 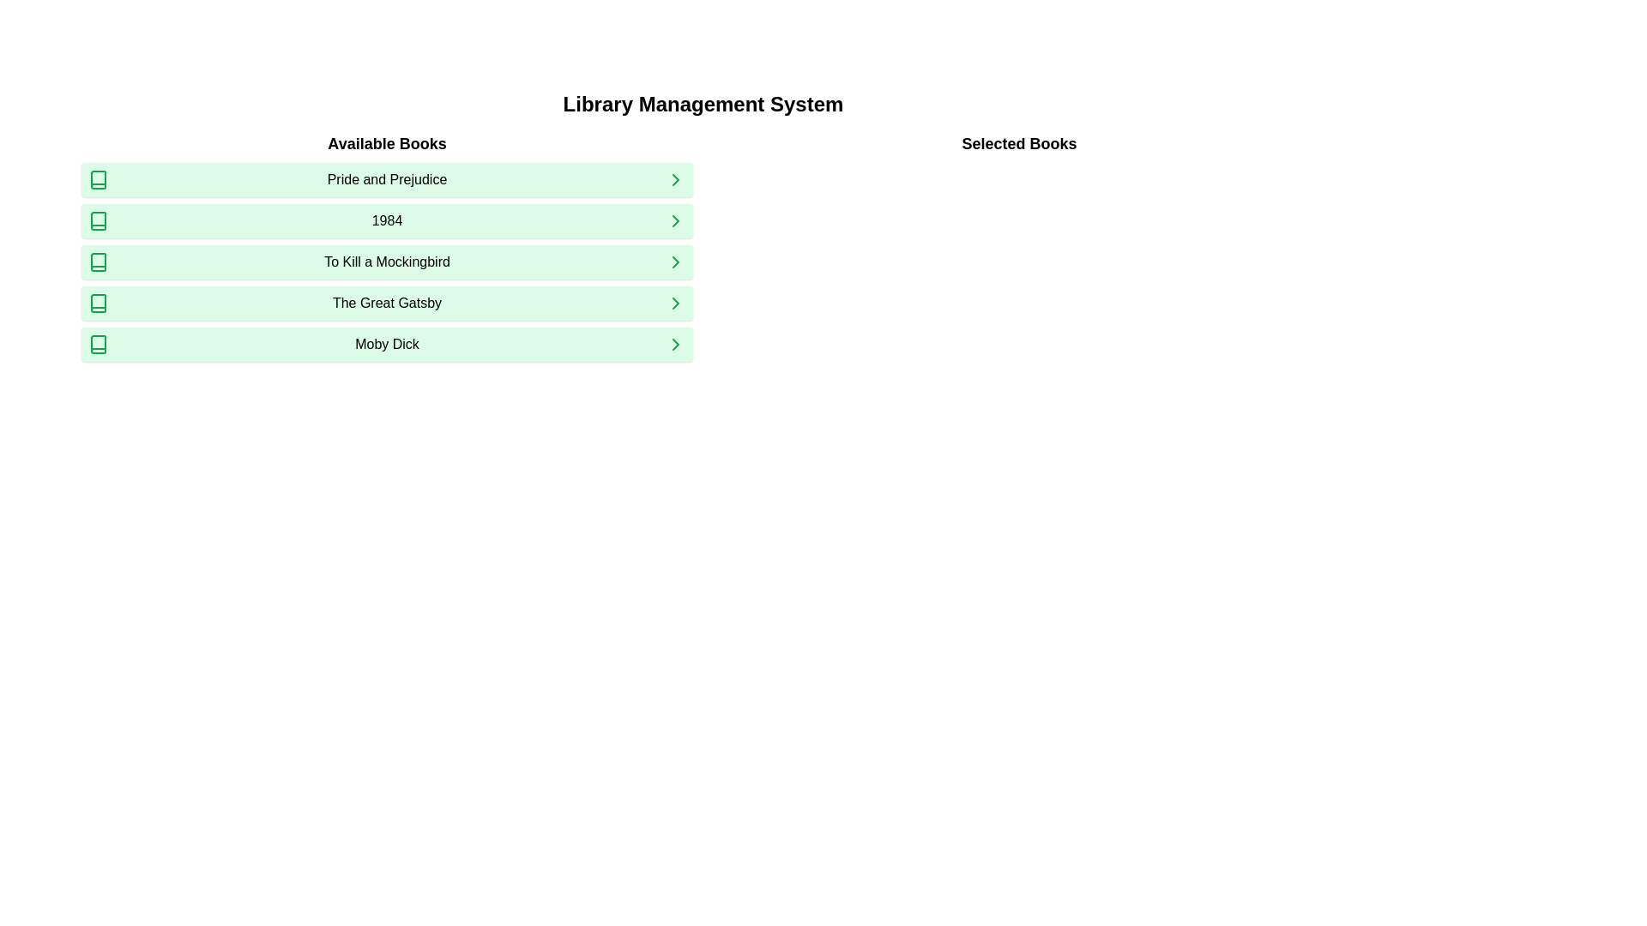 I want to click on the selectable button for the book titled 'Moby Dick' located at the bottom of the vertical list under 'Available Books', so click(x=386, y=344).